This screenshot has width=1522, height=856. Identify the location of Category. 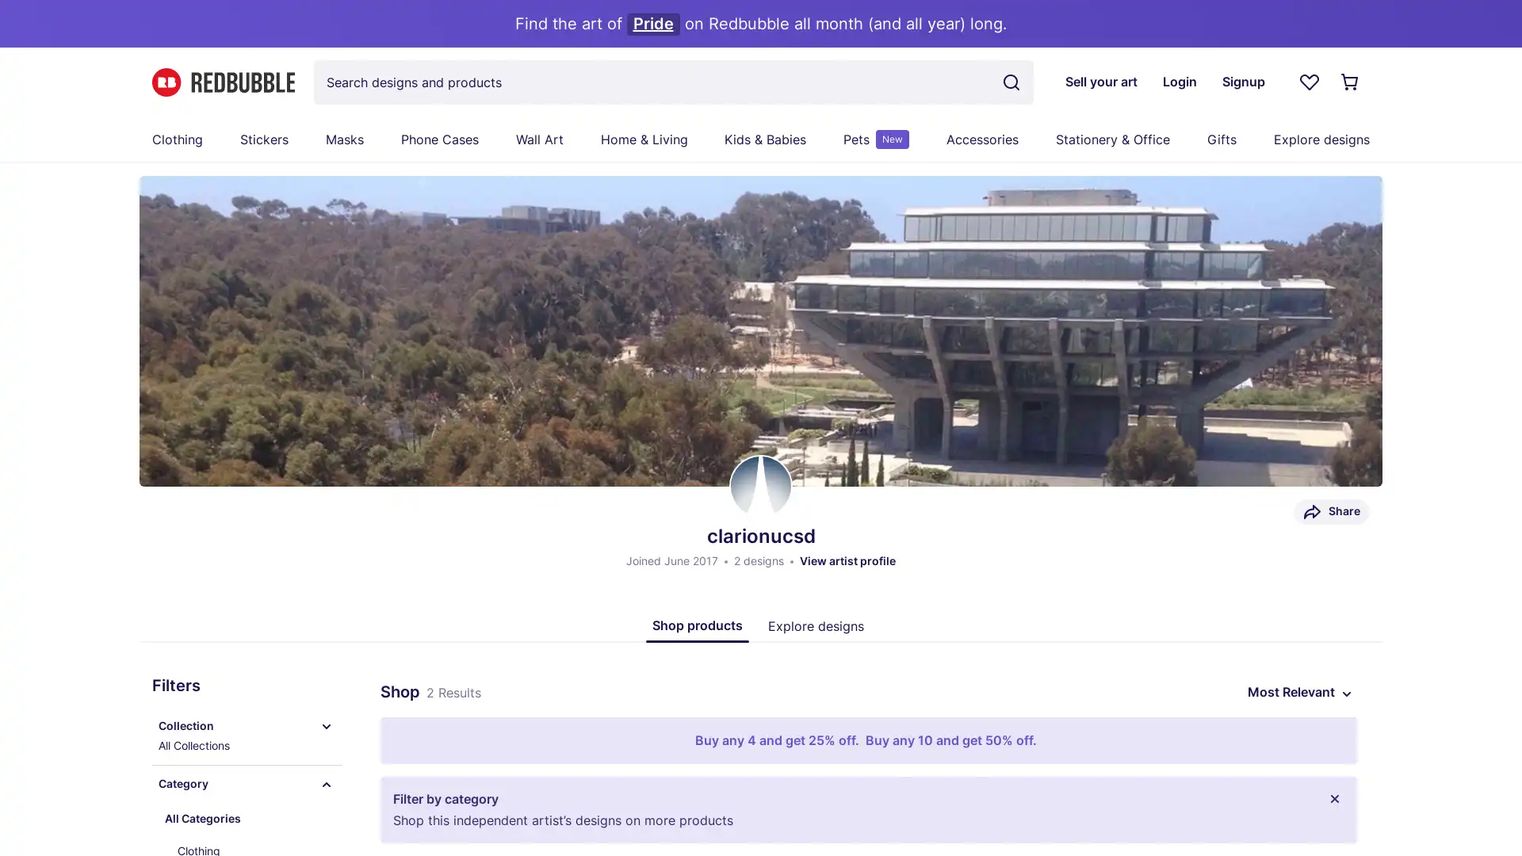
(247, 785).